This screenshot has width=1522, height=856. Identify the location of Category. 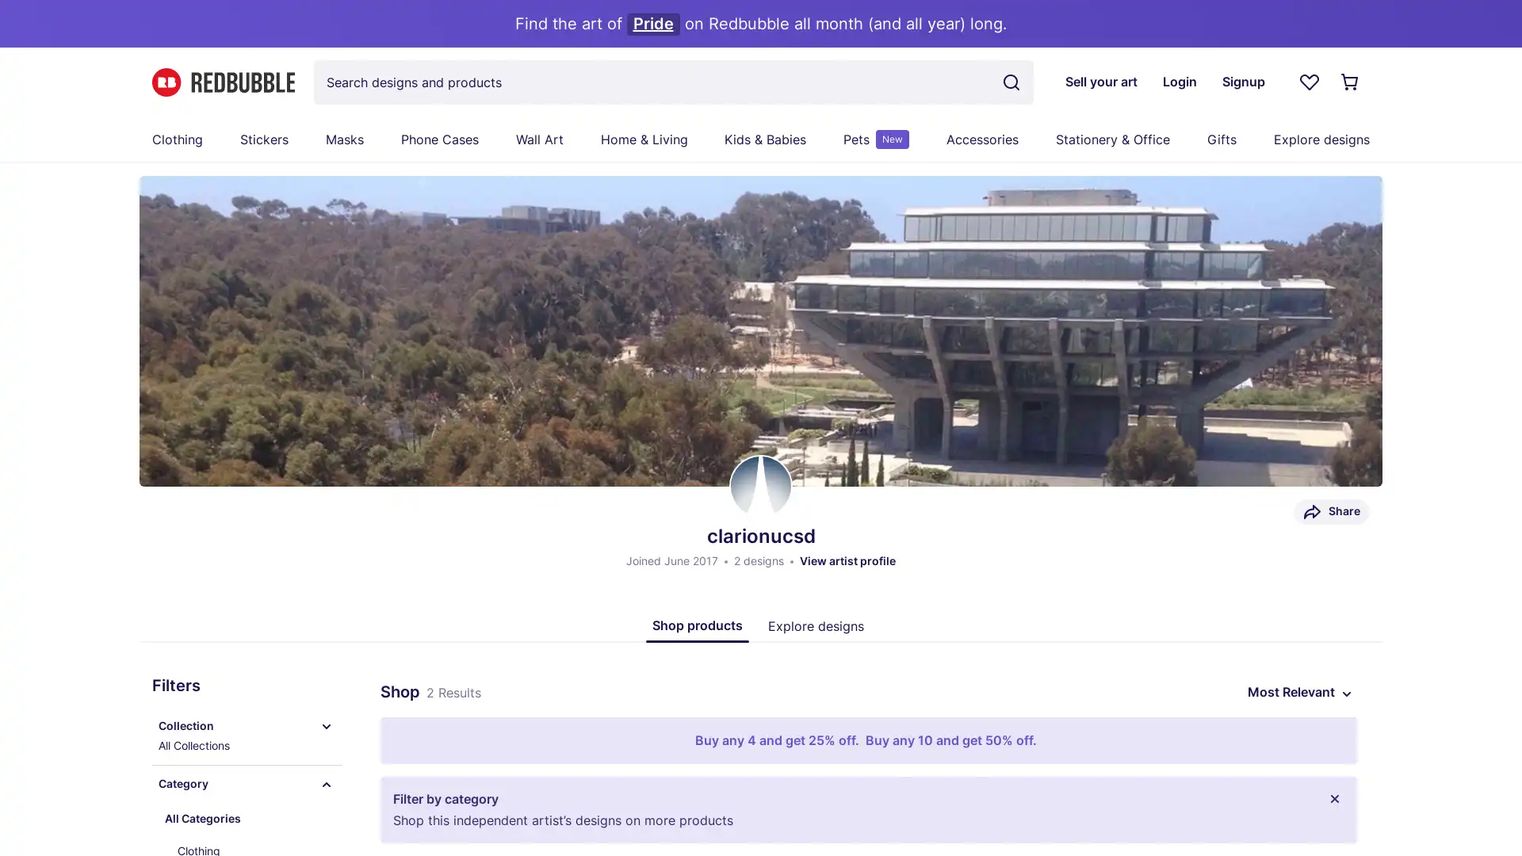
(247, 785).